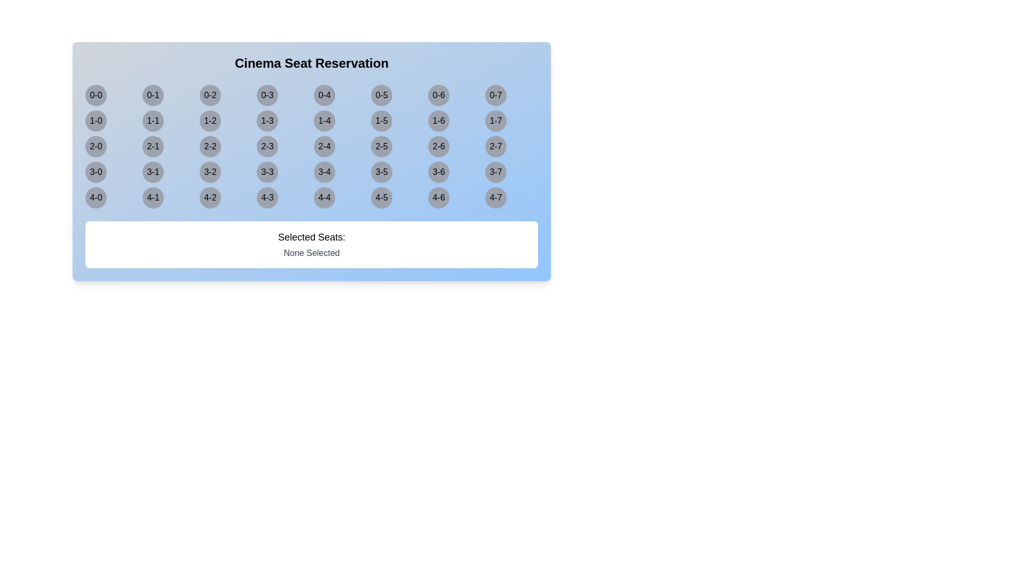 Image resolution: width=1025 pixels, height=576 pixels. I want to click on the button labeled '2-3' in the cinema seat reservation interface, so click(267, 146).